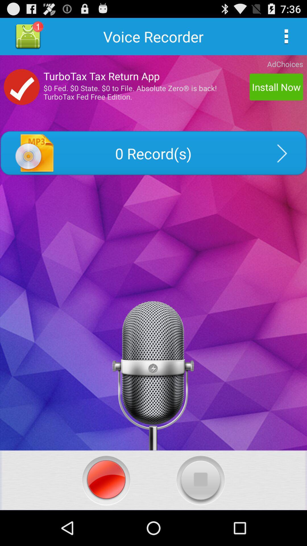  I want to click on super voice recorder, so click(106, 480).